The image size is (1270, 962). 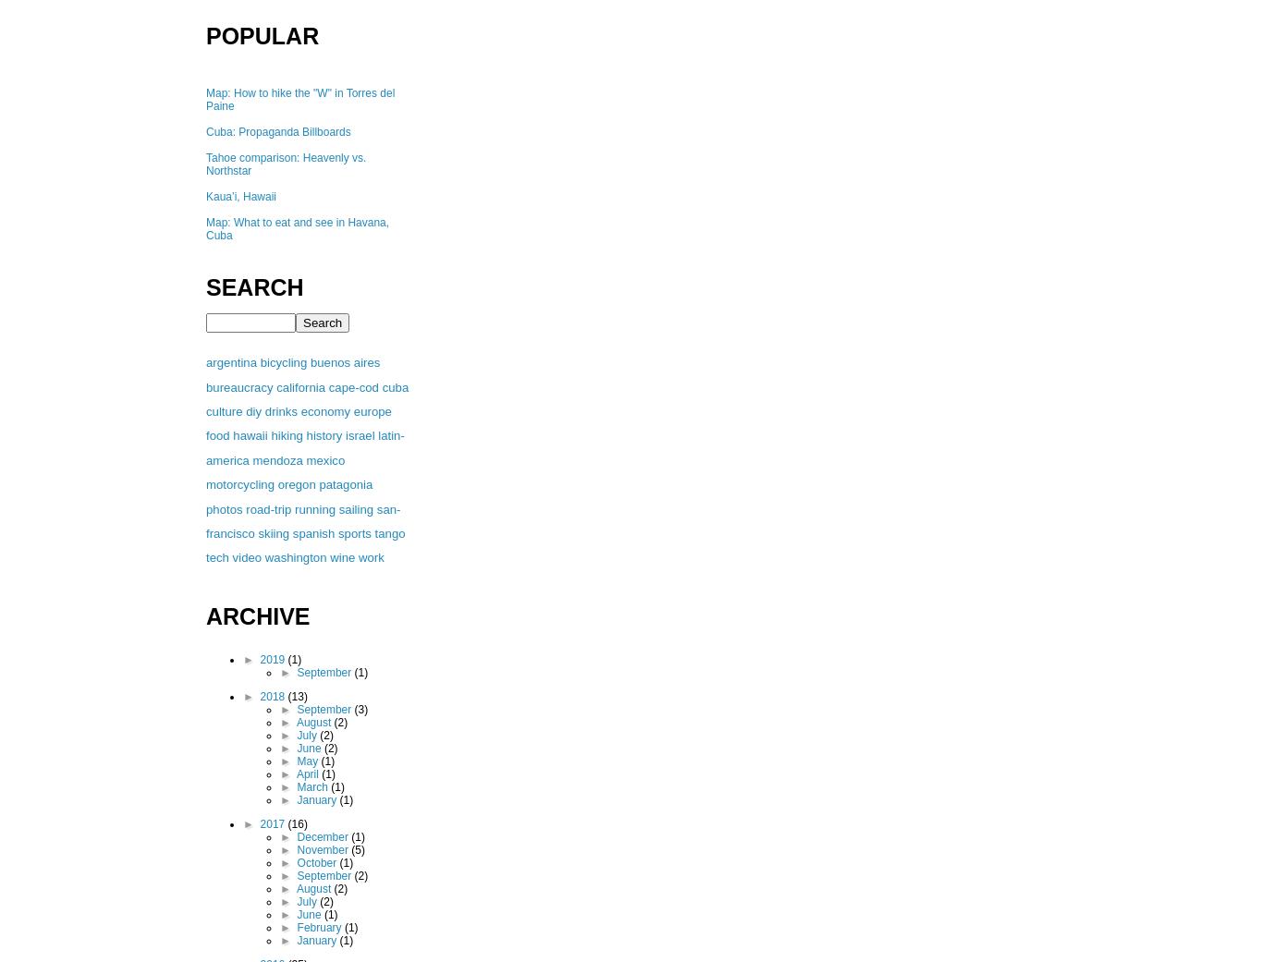 I want to click on 'diy', so click(x=252, y=410).